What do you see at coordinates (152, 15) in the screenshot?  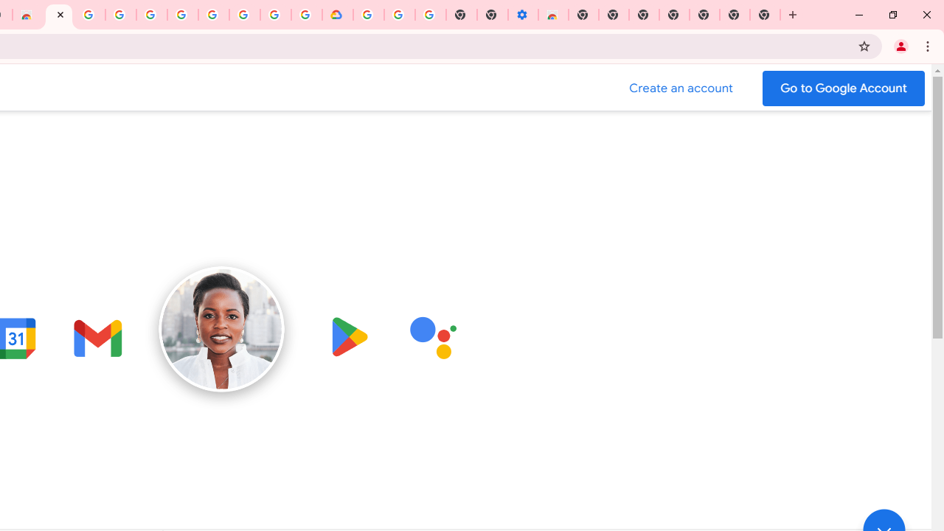 I see `'Sign in - Google Accounts'` at bounding box center [152, 15].